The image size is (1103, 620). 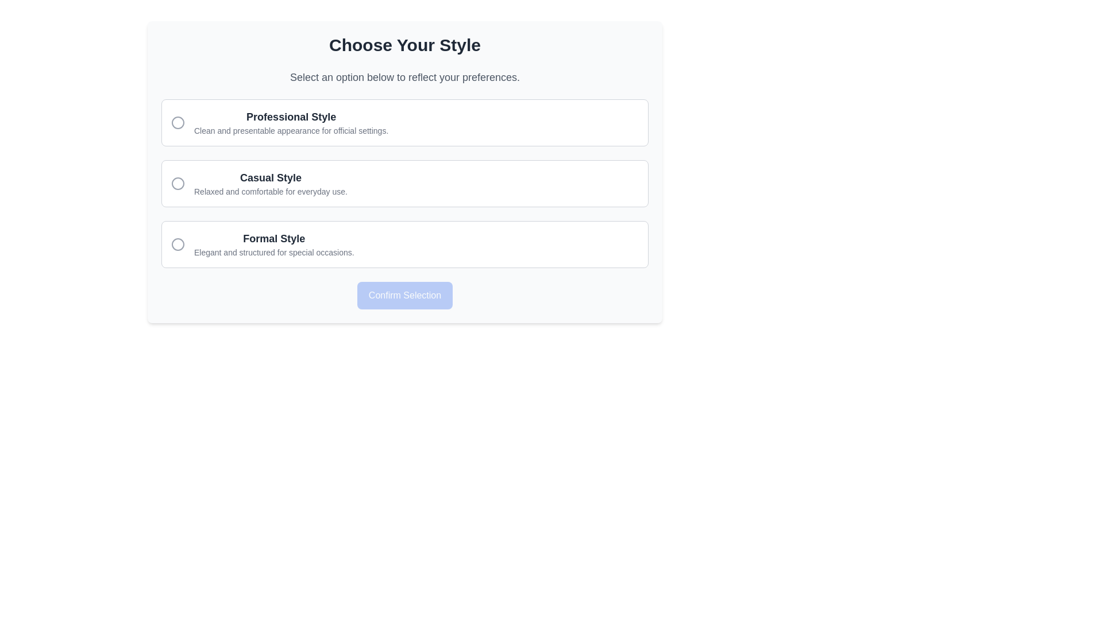 What do you see at coordinates (273, 238) in the screenshot?
I see `text label stating 'Formal Style', which is the topmost text in the third choice option of the 'Choose Your Style' section, positioned below 'Casual Style' and above a descriptive line` at bounding box center [273, 238].